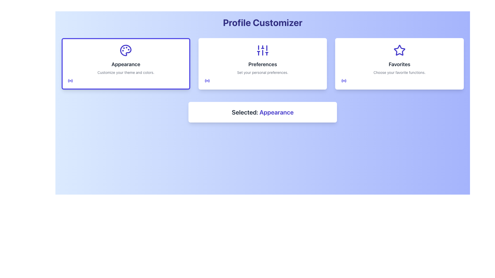 Image resolution: width=495 pixels, height=278 pixels. Describe the element at coordinates (344, 81) in the screenshot. I see `the 'Favorites' radio button located at the bottom-center of the 'Favorites' card in the 'Profile Customizer' interface` at that location.